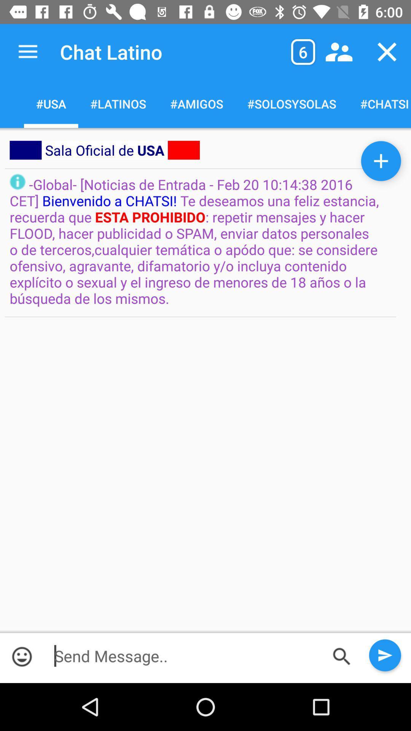 Image resolution: width=411 pixels, height=731 pixels. Describe the element at coordinates (27, 51) in the screenshot. I see `the item to the left of the chat latino` at that location.